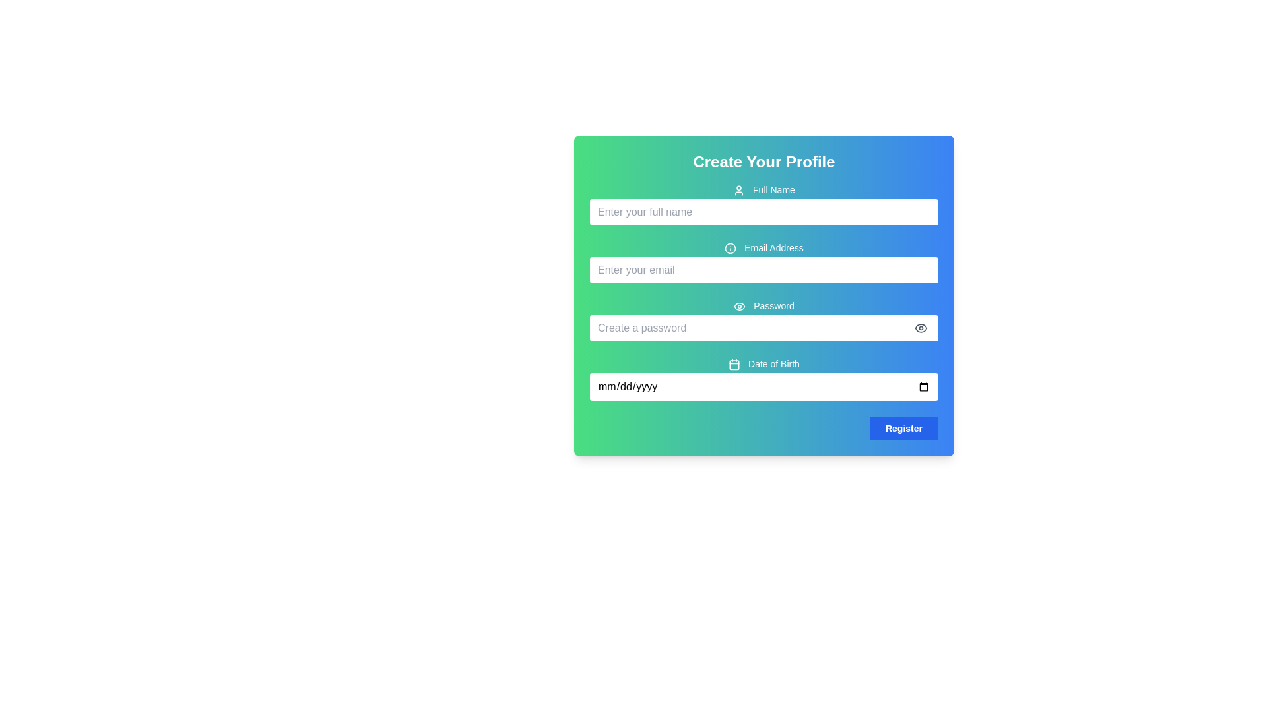  Describe the element at coordinates (903, 429) in the screenshot. I see `the rectangular button labeled 'Register' with a blue background` at that location.